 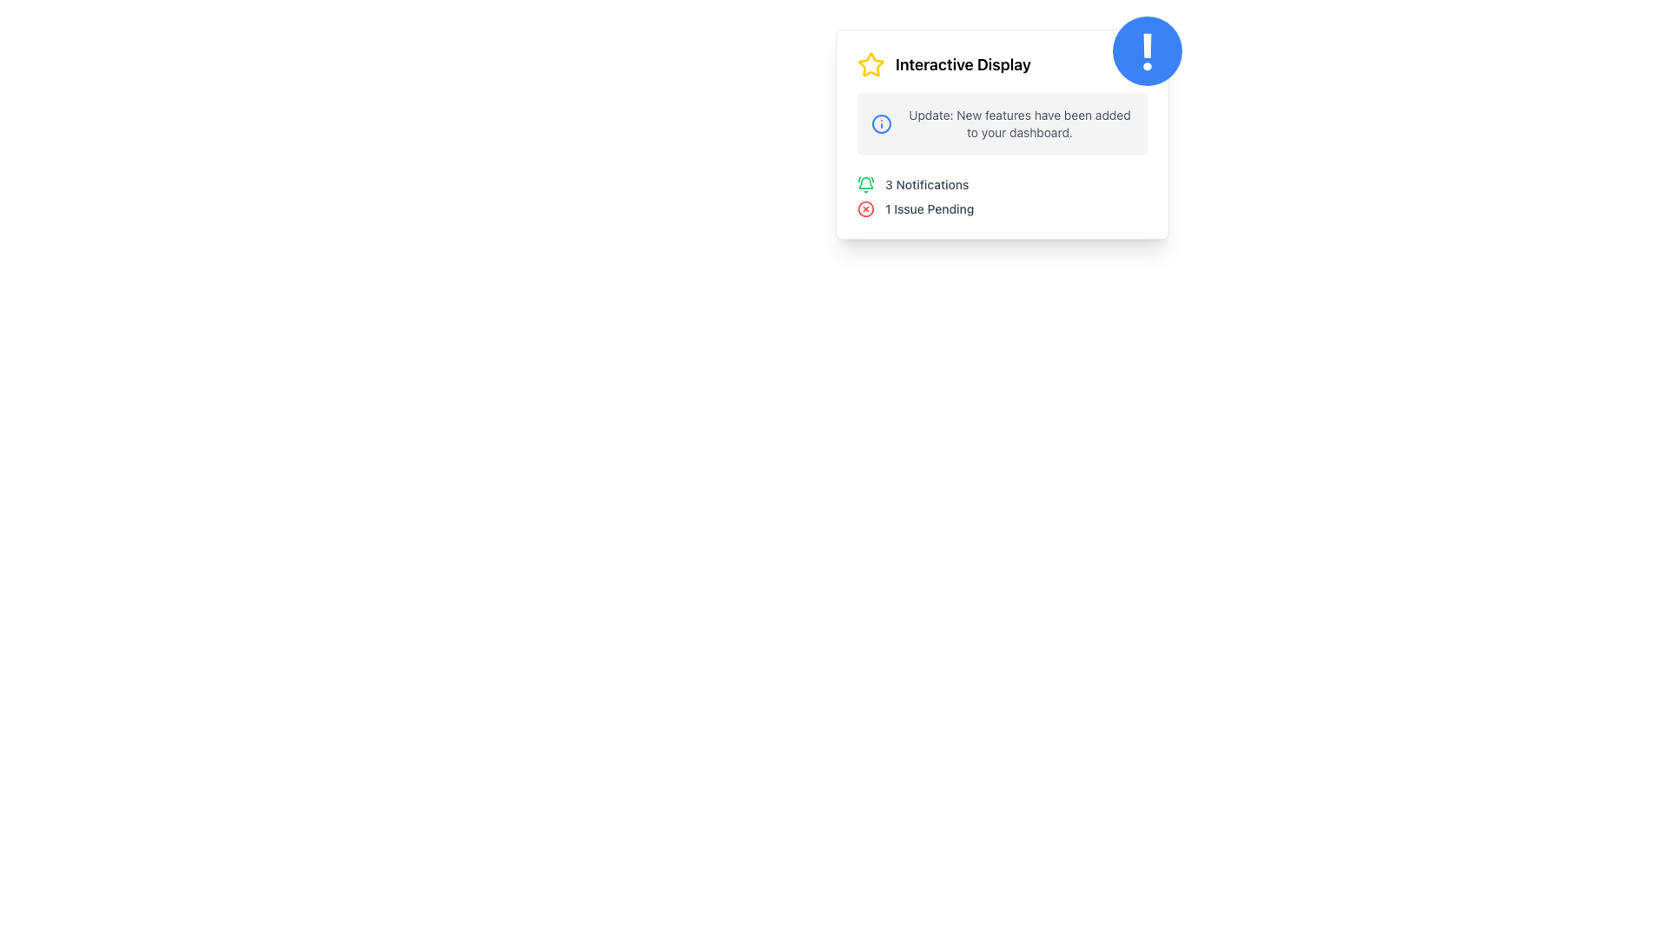 What do you see at coordinates (1147, 50) in the screenshot?
I see `the Badge (alert indicator) located in the top-right corner of the white rounded rectangular card that contains notifications and issues related to the content` at bounding box center [1147, 50].